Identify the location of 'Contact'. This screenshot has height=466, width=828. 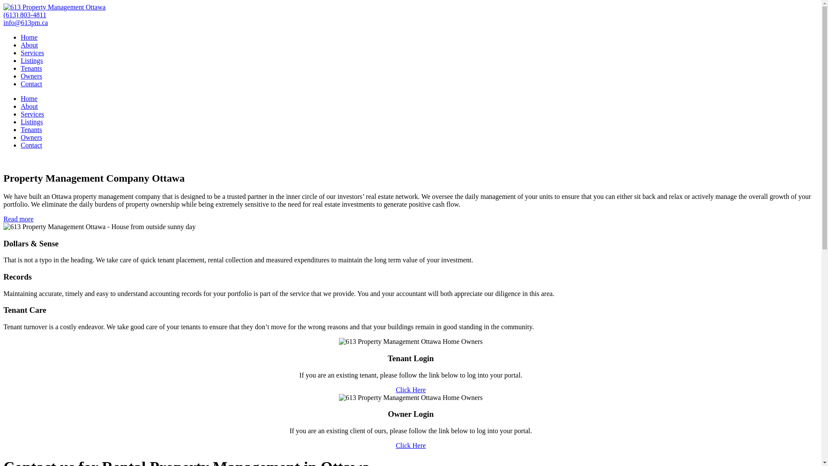
(21, 84).